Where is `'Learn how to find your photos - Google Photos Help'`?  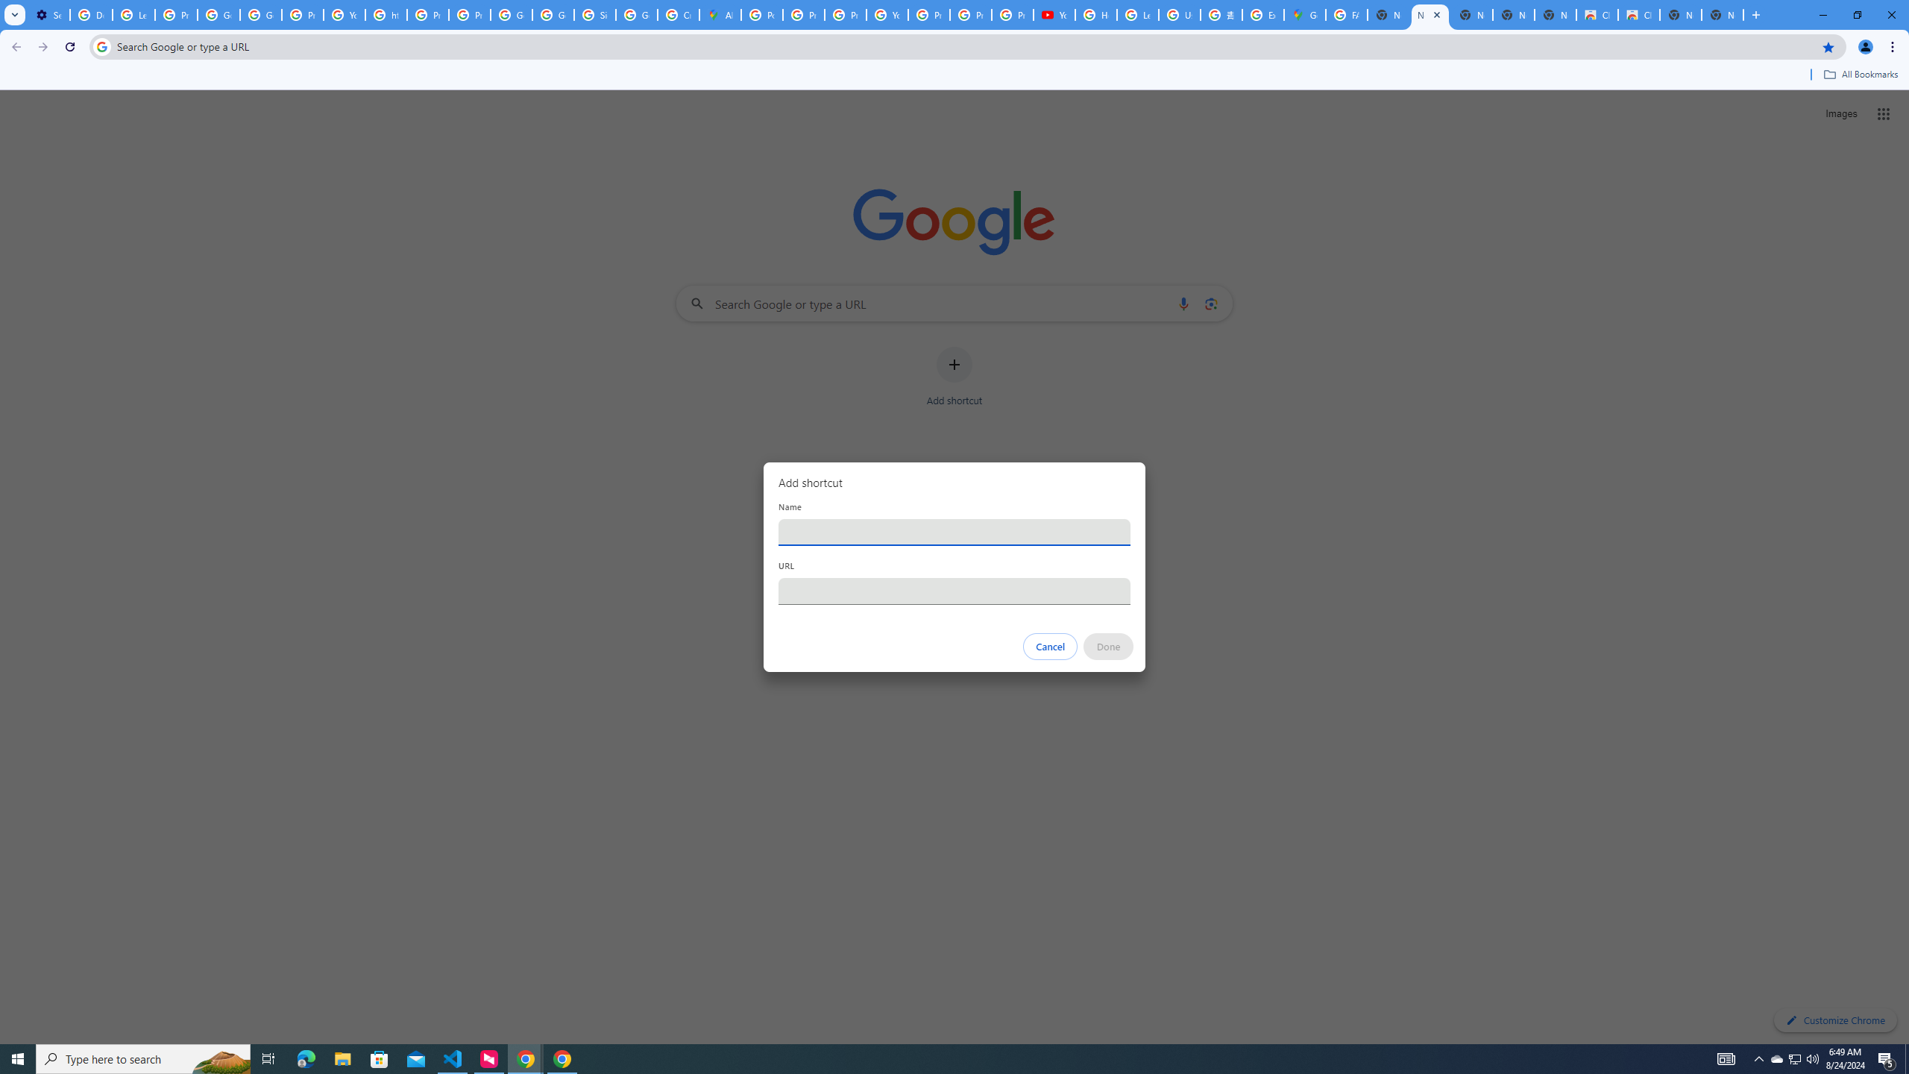
'Learn how to find your photos - Google Photos Help' is located at coordinates (133, 14).